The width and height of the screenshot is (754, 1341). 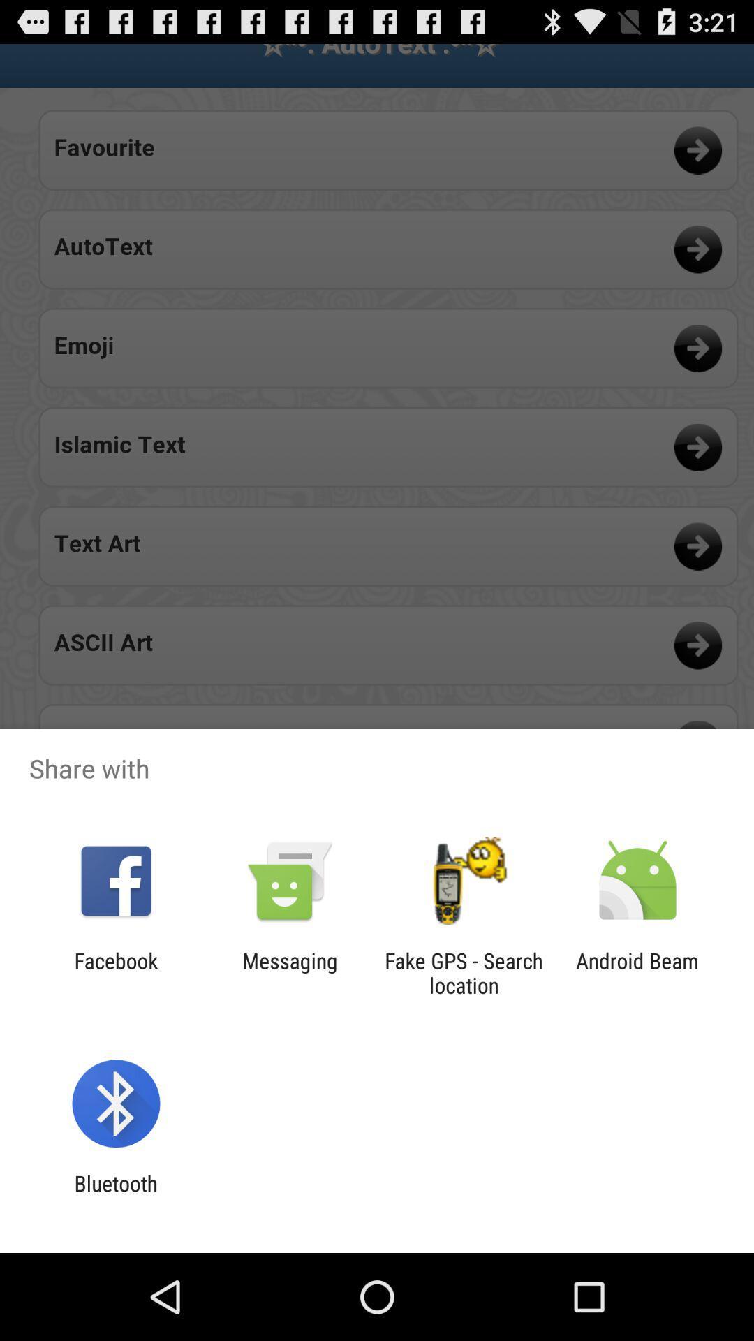 I want to click on the app to the left of fake gps search item, so click(x=289, y=972).